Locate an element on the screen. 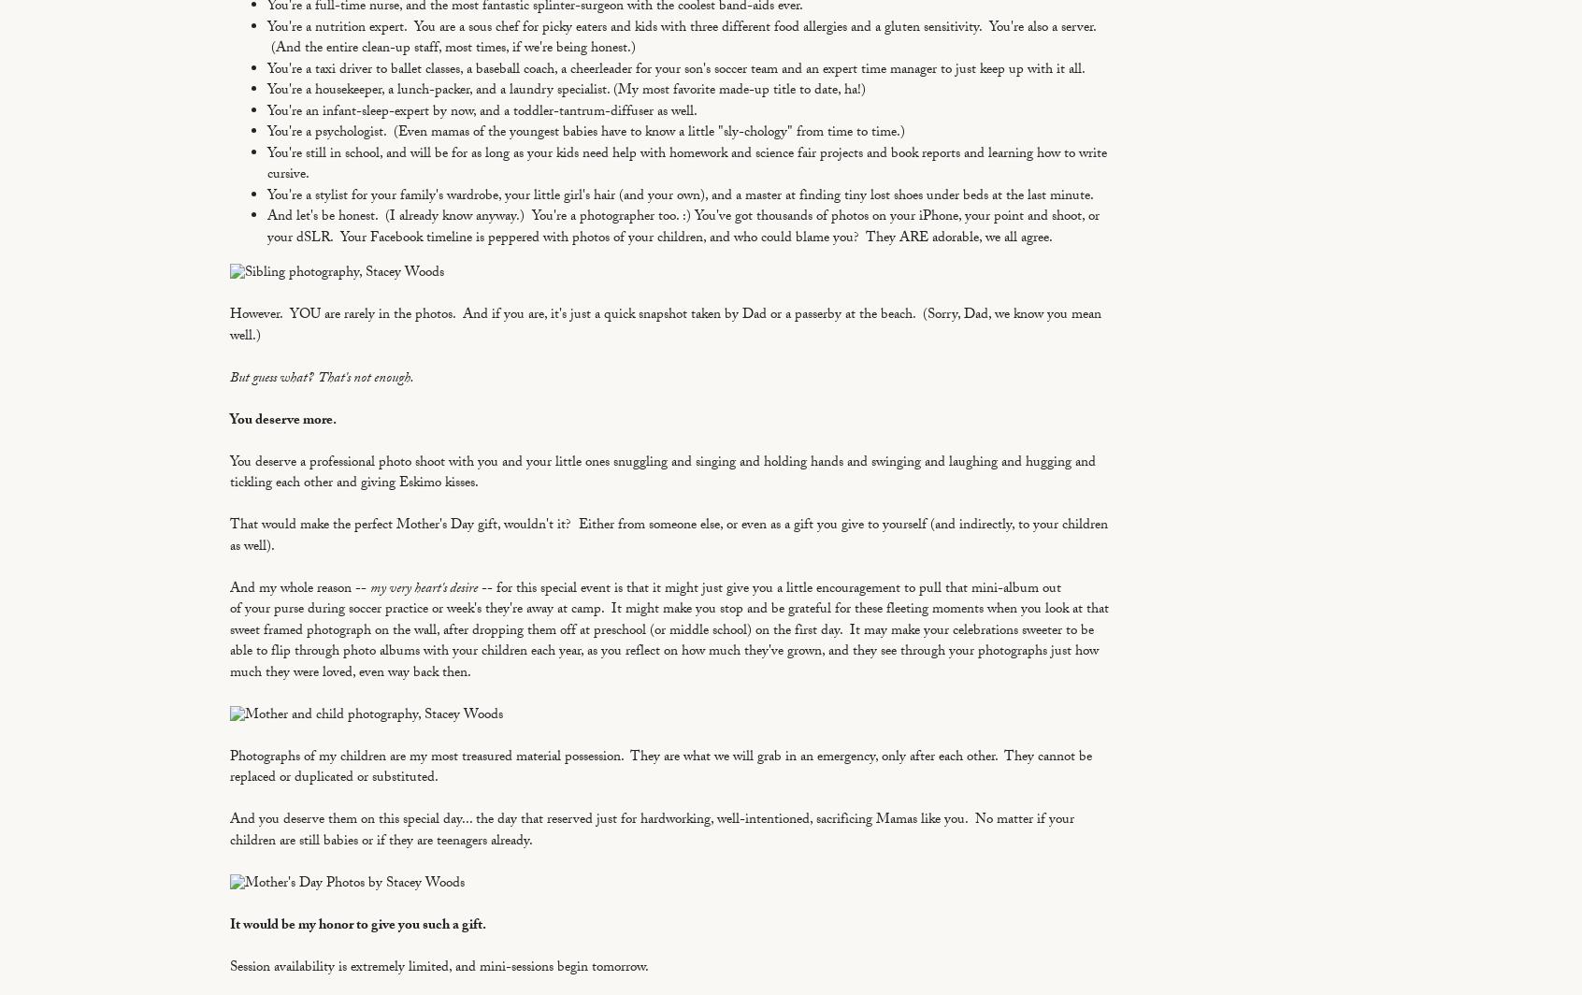  'Photographs of my children are my most treasured material possession.  They are what we will grab in an emergency, only after each other.  They cannot be replaced or duplicated or substituted.' is located at coordinates (659, 768).